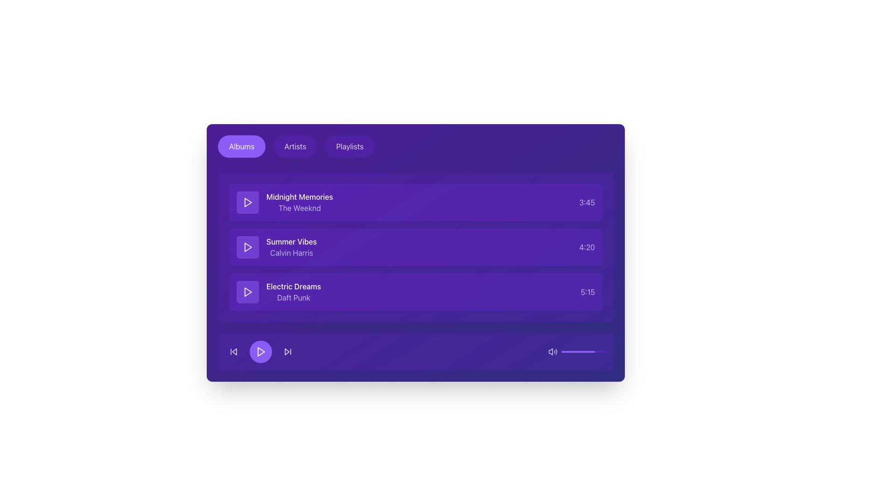 Image resolution: width=896 pixels, height=504 pixels. I want to click on the rounded square violet play button with a white triangular play icon, so click(248, 202).